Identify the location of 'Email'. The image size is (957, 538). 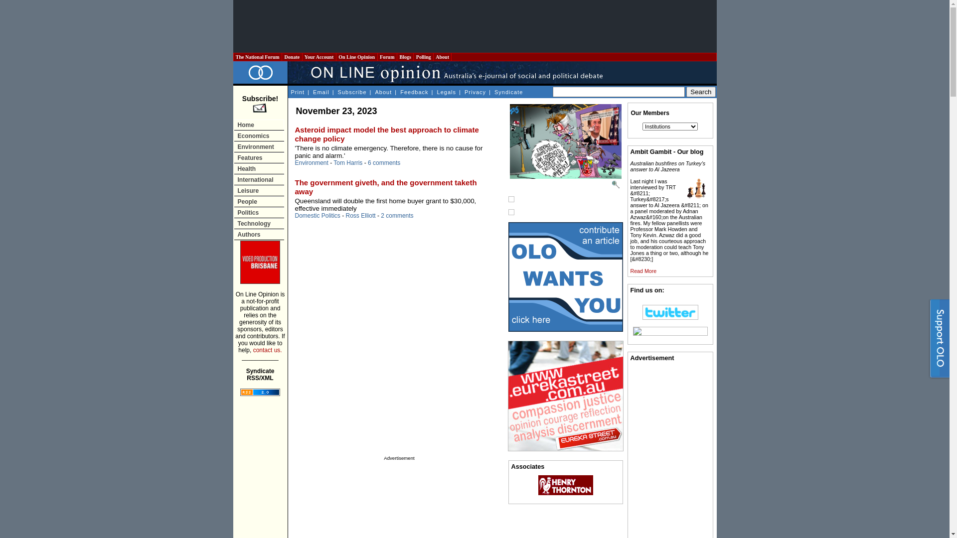
(320, 92).